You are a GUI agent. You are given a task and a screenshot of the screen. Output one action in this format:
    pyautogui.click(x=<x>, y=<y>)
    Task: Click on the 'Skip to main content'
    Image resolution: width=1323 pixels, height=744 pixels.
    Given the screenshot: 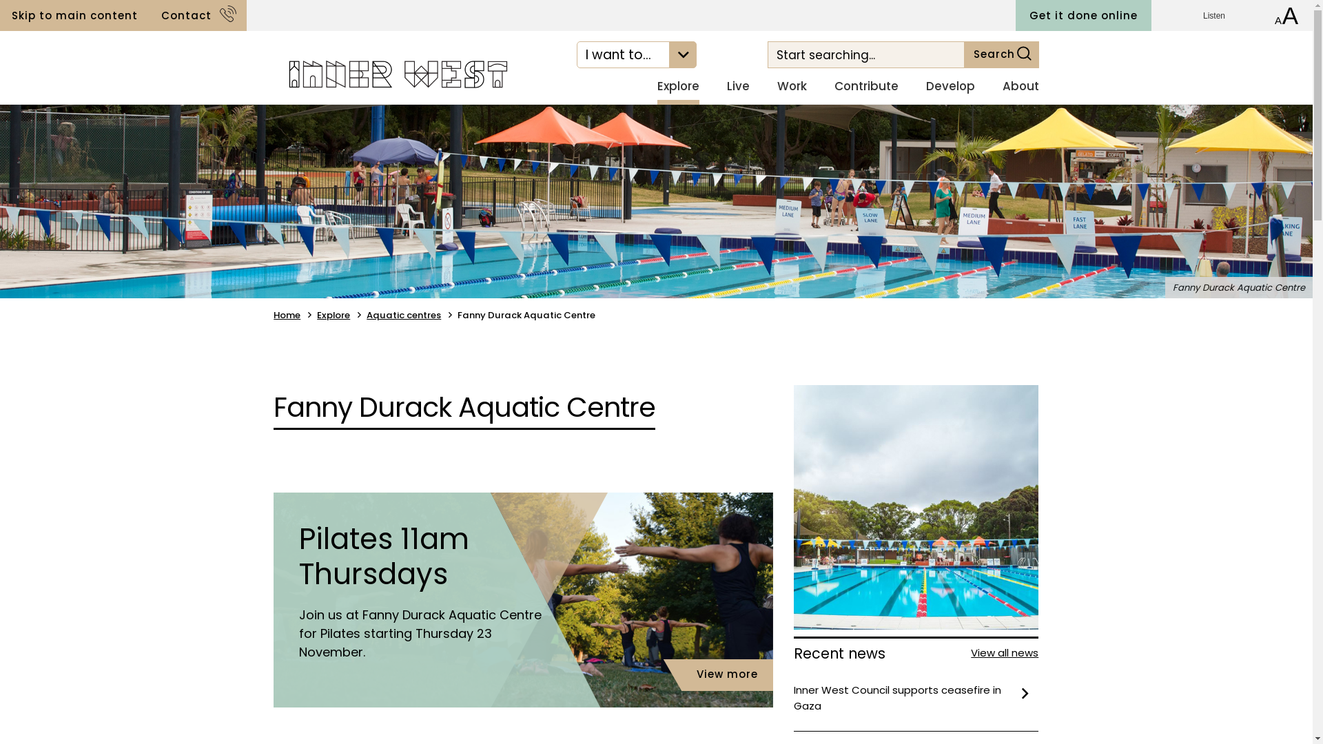 What is the action you would take?
    pyautogui.click(x=74, y=15)
    